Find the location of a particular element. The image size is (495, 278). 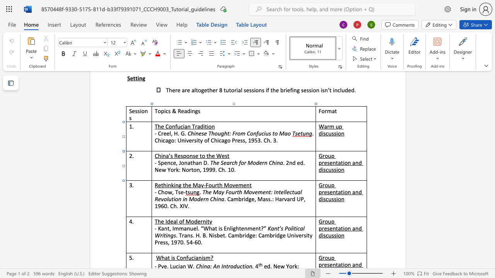

the space between the continuous character "w" and "," in the text is located at coordinates (171, 192).